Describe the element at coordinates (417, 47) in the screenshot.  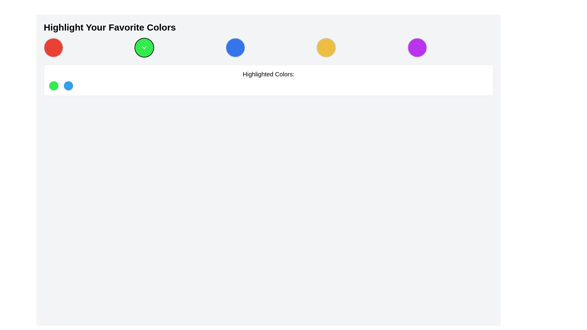
I see `the vibrant purple circular button with a gray border, which is the last element in the horizontal grid layout` at that location.